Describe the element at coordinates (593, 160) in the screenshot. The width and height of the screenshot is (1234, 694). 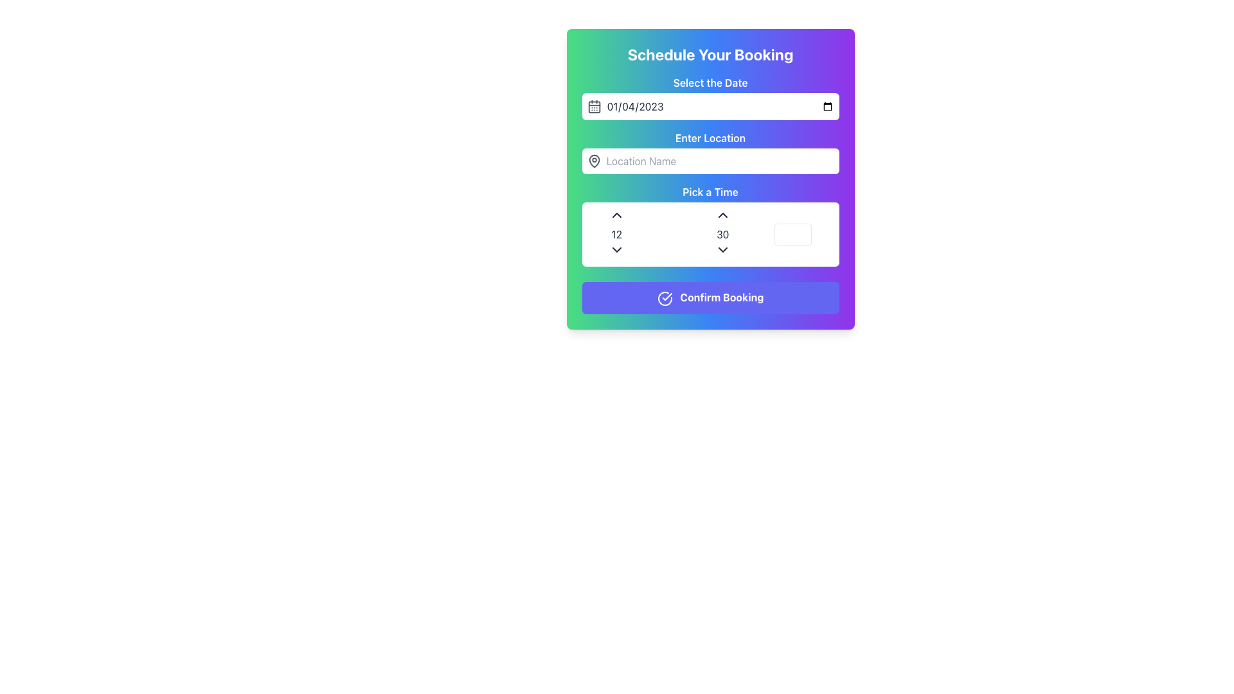
I see `the input field represented by the location icon, which is positioned inside the 'Enter Location' input field to the left of the placeholder text 'Location Name'` at that location.